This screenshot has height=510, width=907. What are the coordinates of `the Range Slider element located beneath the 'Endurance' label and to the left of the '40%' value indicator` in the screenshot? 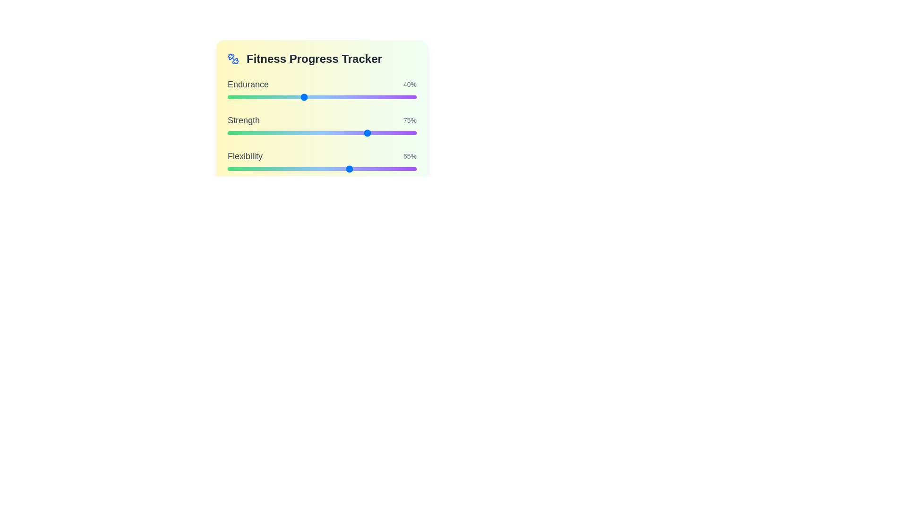 It's located at (322, 97).